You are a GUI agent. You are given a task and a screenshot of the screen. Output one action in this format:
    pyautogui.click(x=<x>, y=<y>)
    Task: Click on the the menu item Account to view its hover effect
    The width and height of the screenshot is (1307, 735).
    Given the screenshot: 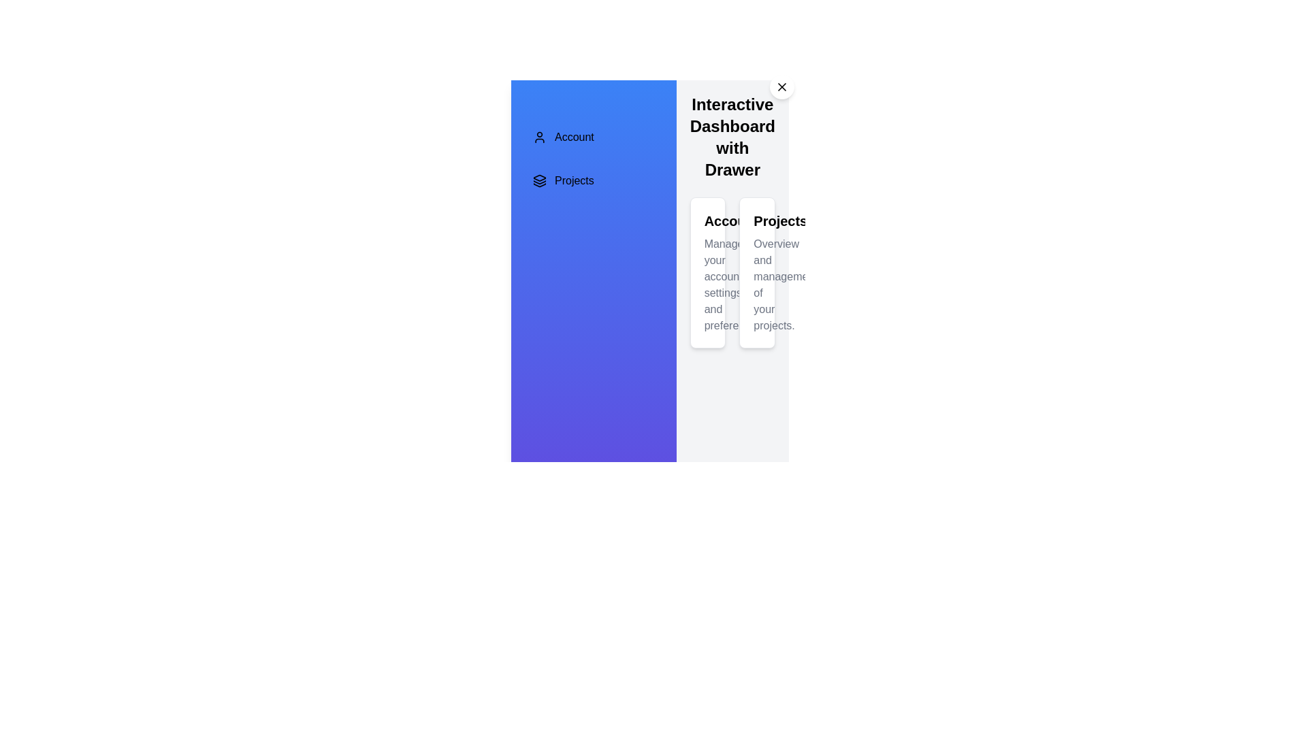 What is the action you would take?
    pyautogui.click(x=594, y=137)
    